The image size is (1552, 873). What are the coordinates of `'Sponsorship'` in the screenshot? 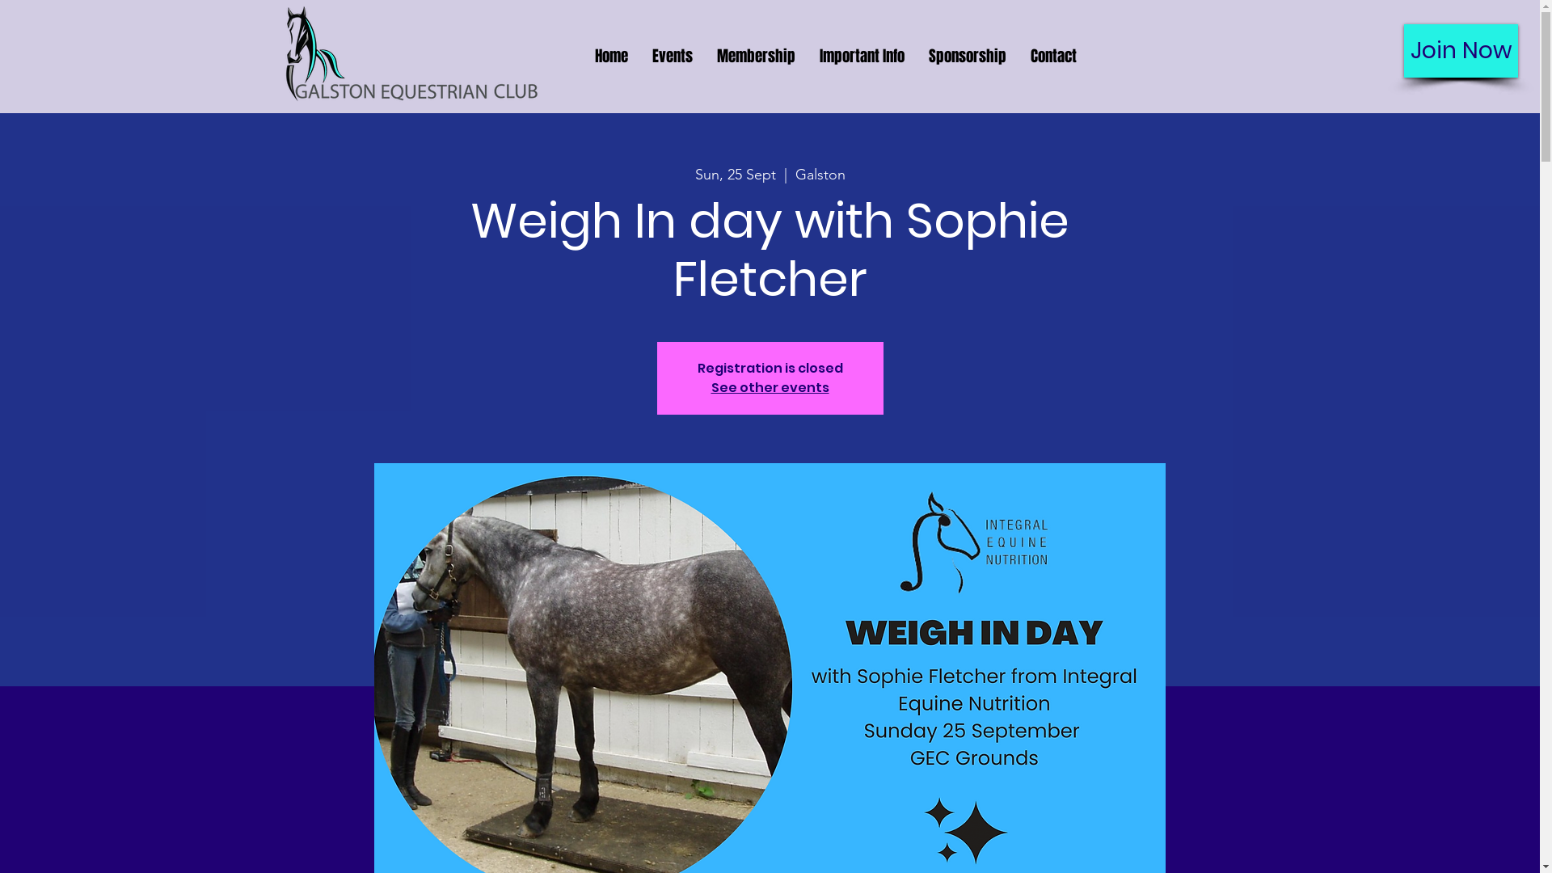 It's located at (916, 55).